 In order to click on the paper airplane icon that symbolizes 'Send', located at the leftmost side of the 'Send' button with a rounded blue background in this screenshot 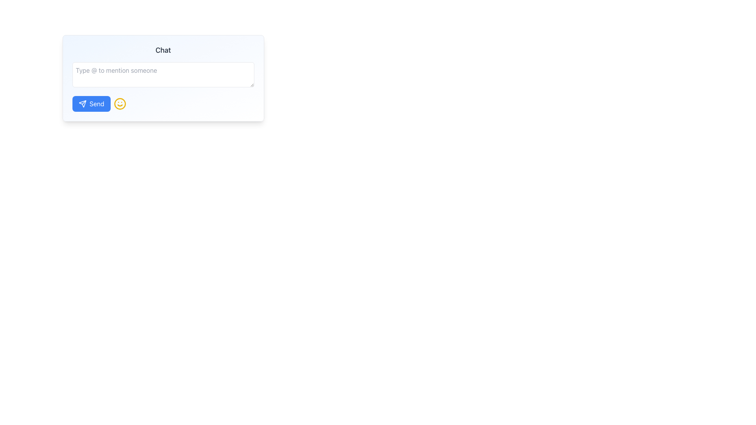, I will do `click(82, 103)`.